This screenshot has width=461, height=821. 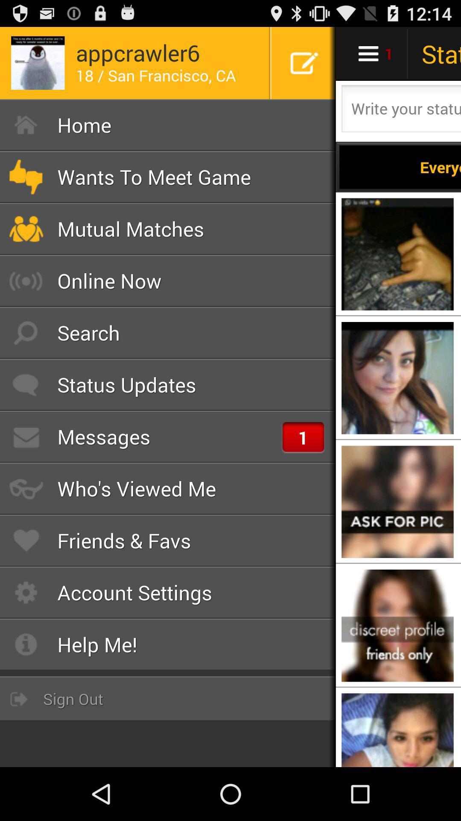 What do you see at coordinates (400, 111) in the screenshot?
I see `write what 's on your mind` at bounding box center [400, 111].